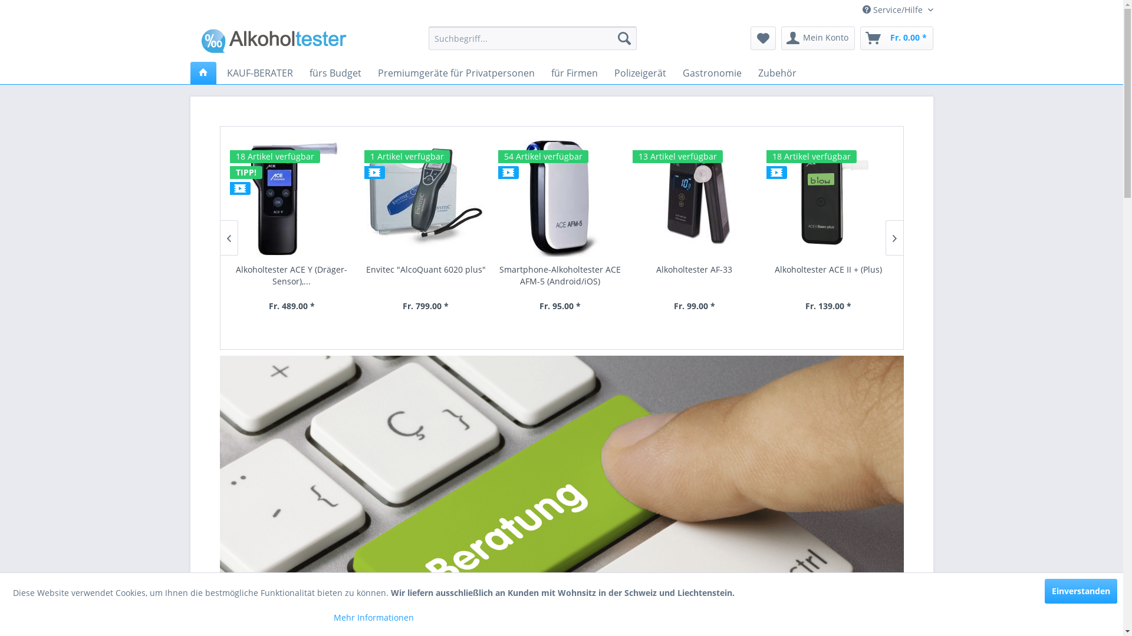  Describe the element at coordinates (817, 38) in the screenshot. I see `'Mein Konto'` at that location.